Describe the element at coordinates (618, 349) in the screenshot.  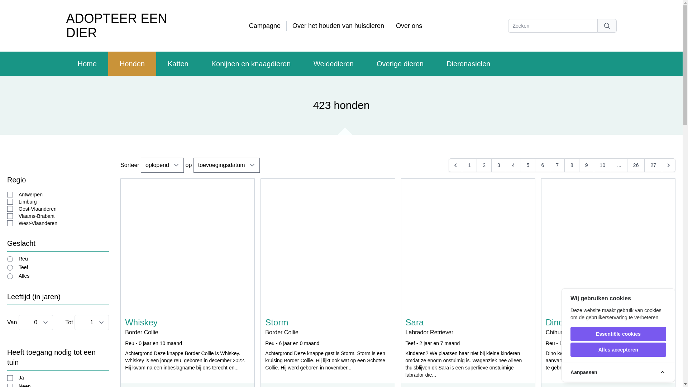
I see `'Alles accepteren'` at that location.